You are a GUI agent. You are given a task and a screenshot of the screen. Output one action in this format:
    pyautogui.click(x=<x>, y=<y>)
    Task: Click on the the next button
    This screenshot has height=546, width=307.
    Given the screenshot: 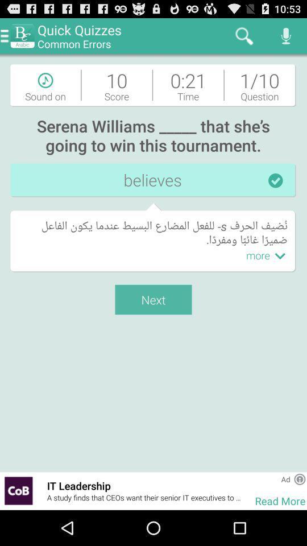 What is the action you would take?
    pyautogui.click(x=153, y=299)
    